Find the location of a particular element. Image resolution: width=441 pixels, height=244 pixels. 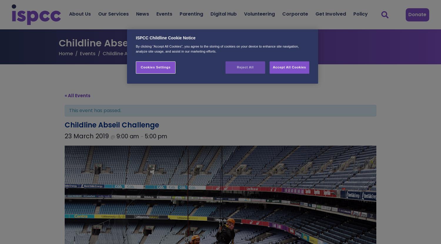

'Donate' is located at coordinates (417, 14).